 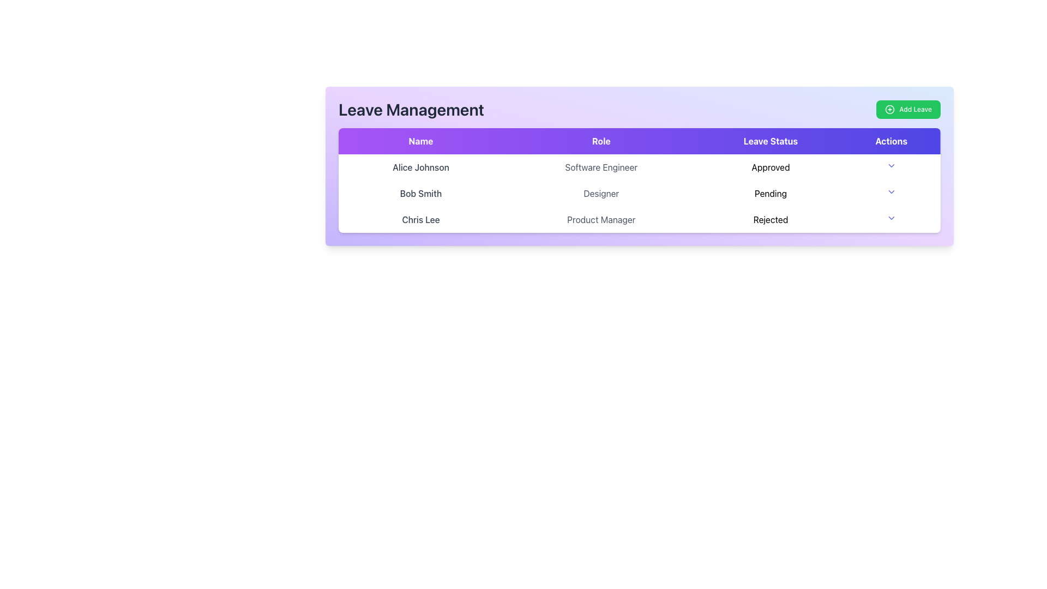 I want to click on text label displaying 'Alice Johnson' that is bold and gray, located in the first row of a table under the 'Name' header, so click(x=420, y=167).